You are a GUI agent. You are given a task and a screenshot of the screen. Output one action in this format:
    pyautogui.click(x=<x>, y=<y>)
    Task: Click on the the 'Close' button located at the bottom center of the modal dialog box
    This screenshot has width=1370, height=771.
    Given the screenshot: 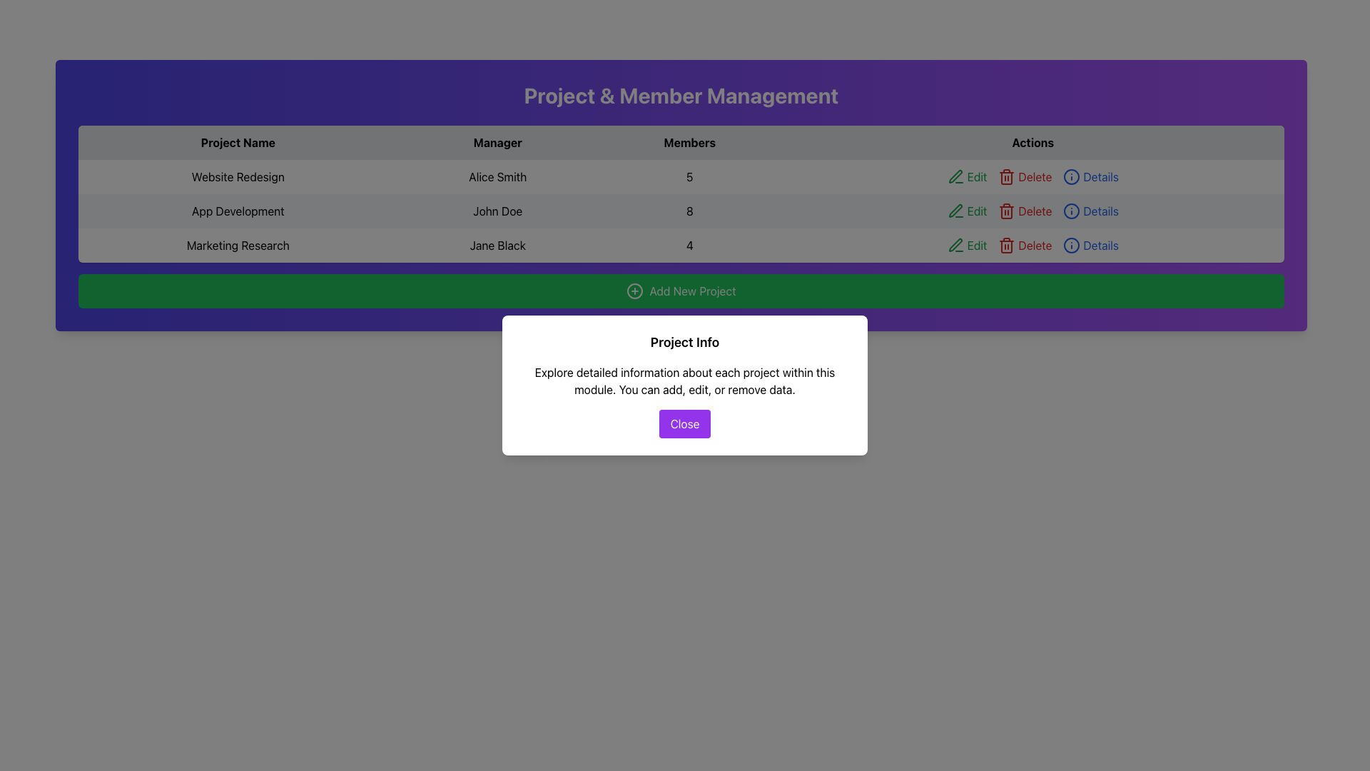 What is the action you would take?
    pyautogui.click(x=685, y=423)
    